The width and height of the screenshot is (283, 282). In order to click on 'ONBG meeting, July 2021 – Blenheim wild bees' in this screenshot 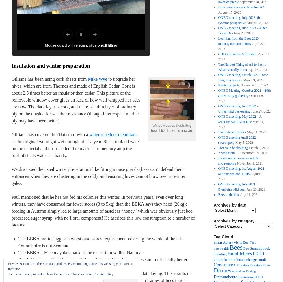, I will do `click(238, 187)`.